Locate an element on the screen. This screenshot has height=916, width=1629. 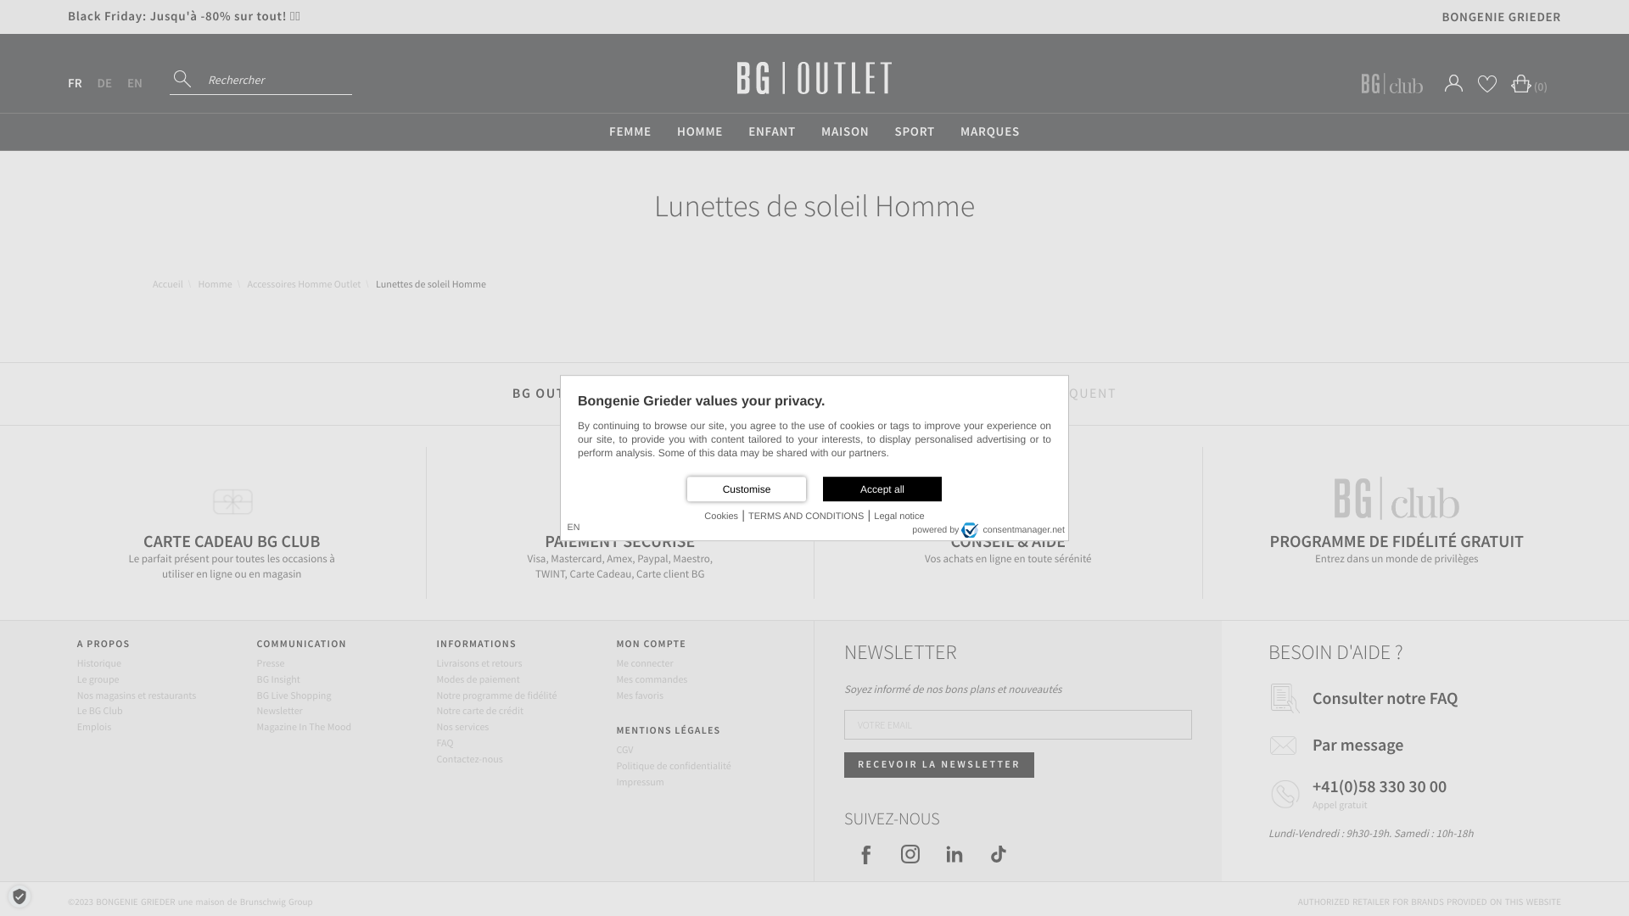
'BG Live Shopping' is located at coordinates (255, 695).